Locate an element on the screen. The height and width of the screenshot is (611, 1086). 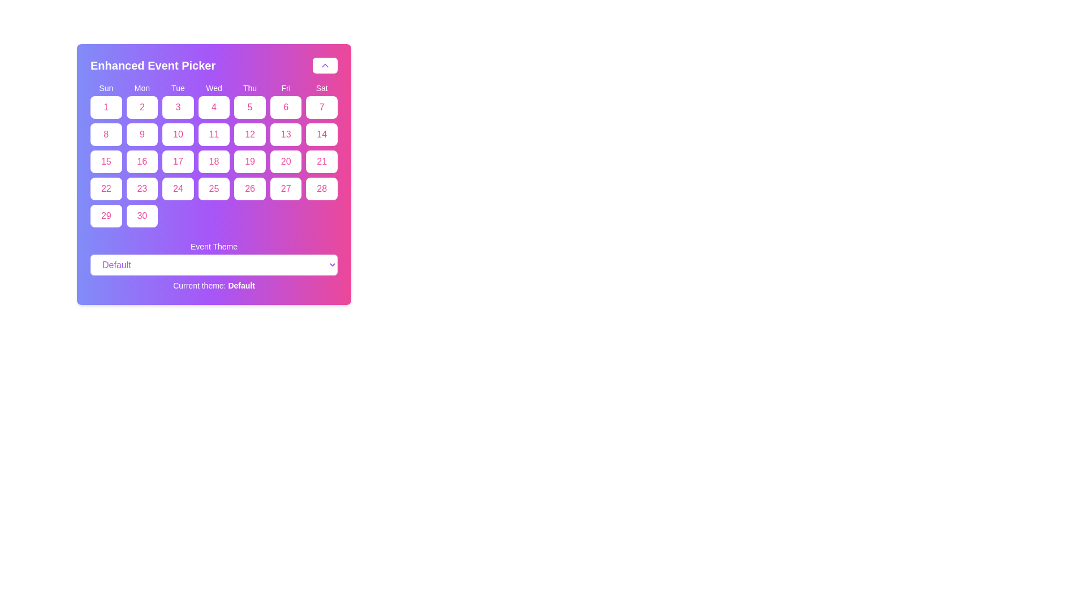
the button labeled '20' in the third row and sixth column of the calendar grid is located at coordinates (286, 161).